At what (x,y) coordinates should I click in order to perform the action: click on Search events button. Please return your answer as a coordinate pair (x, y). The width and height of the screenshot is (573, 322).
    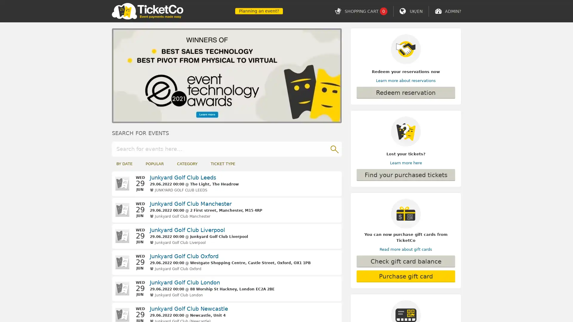
    Looking at the image, I should click on (334, 148).